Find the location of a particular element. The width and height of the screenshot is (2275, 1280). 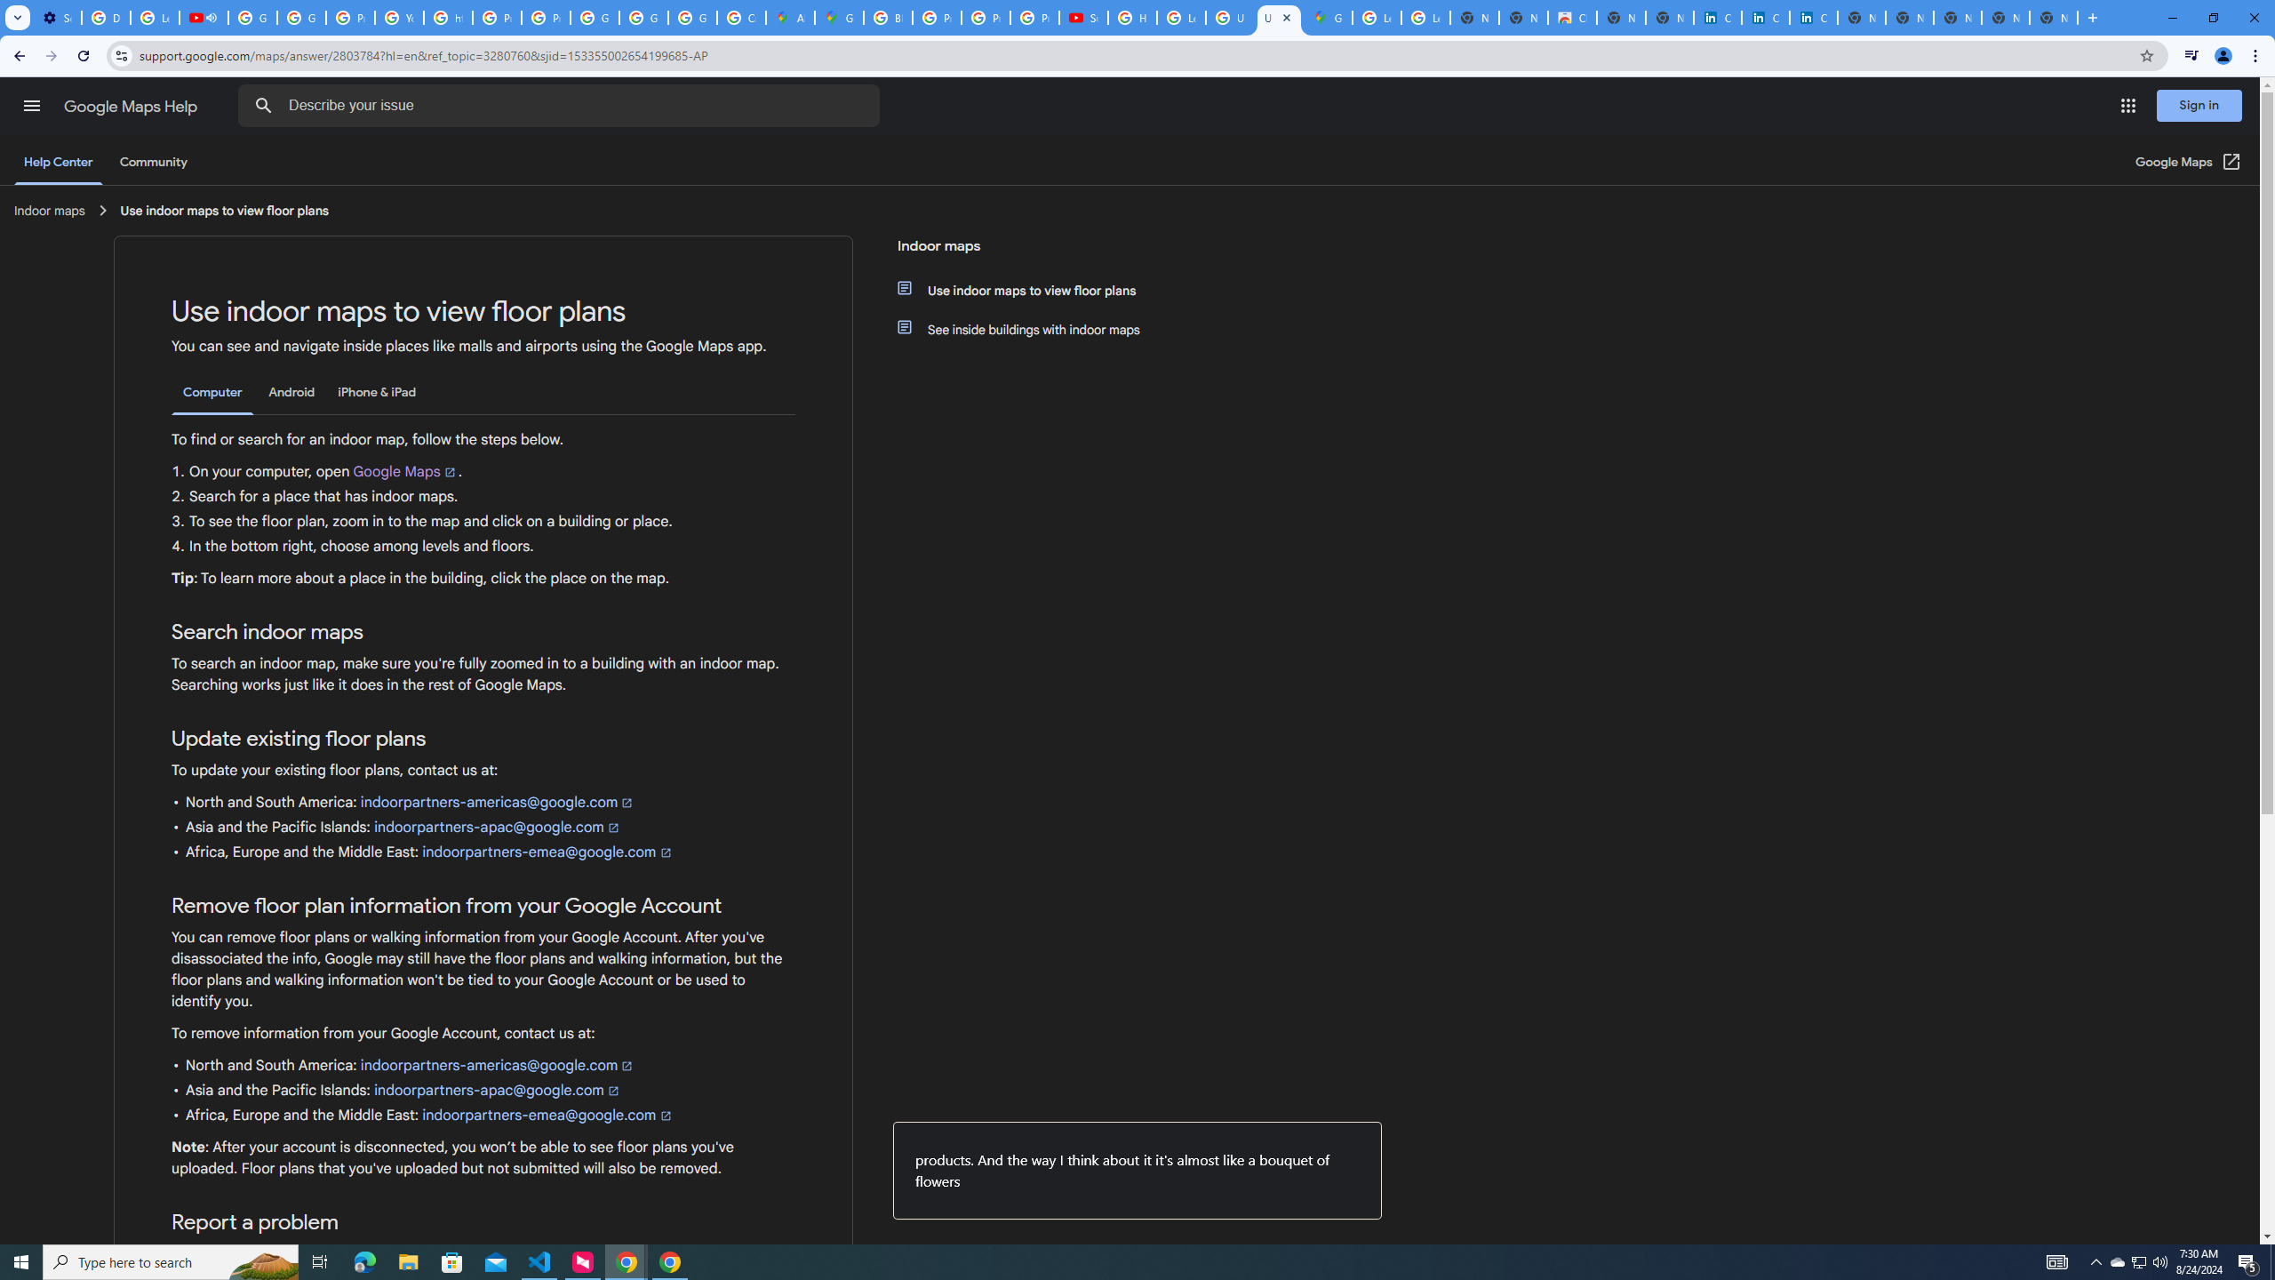

'Chrome Web Store' is located at coordinates (1571, 17).